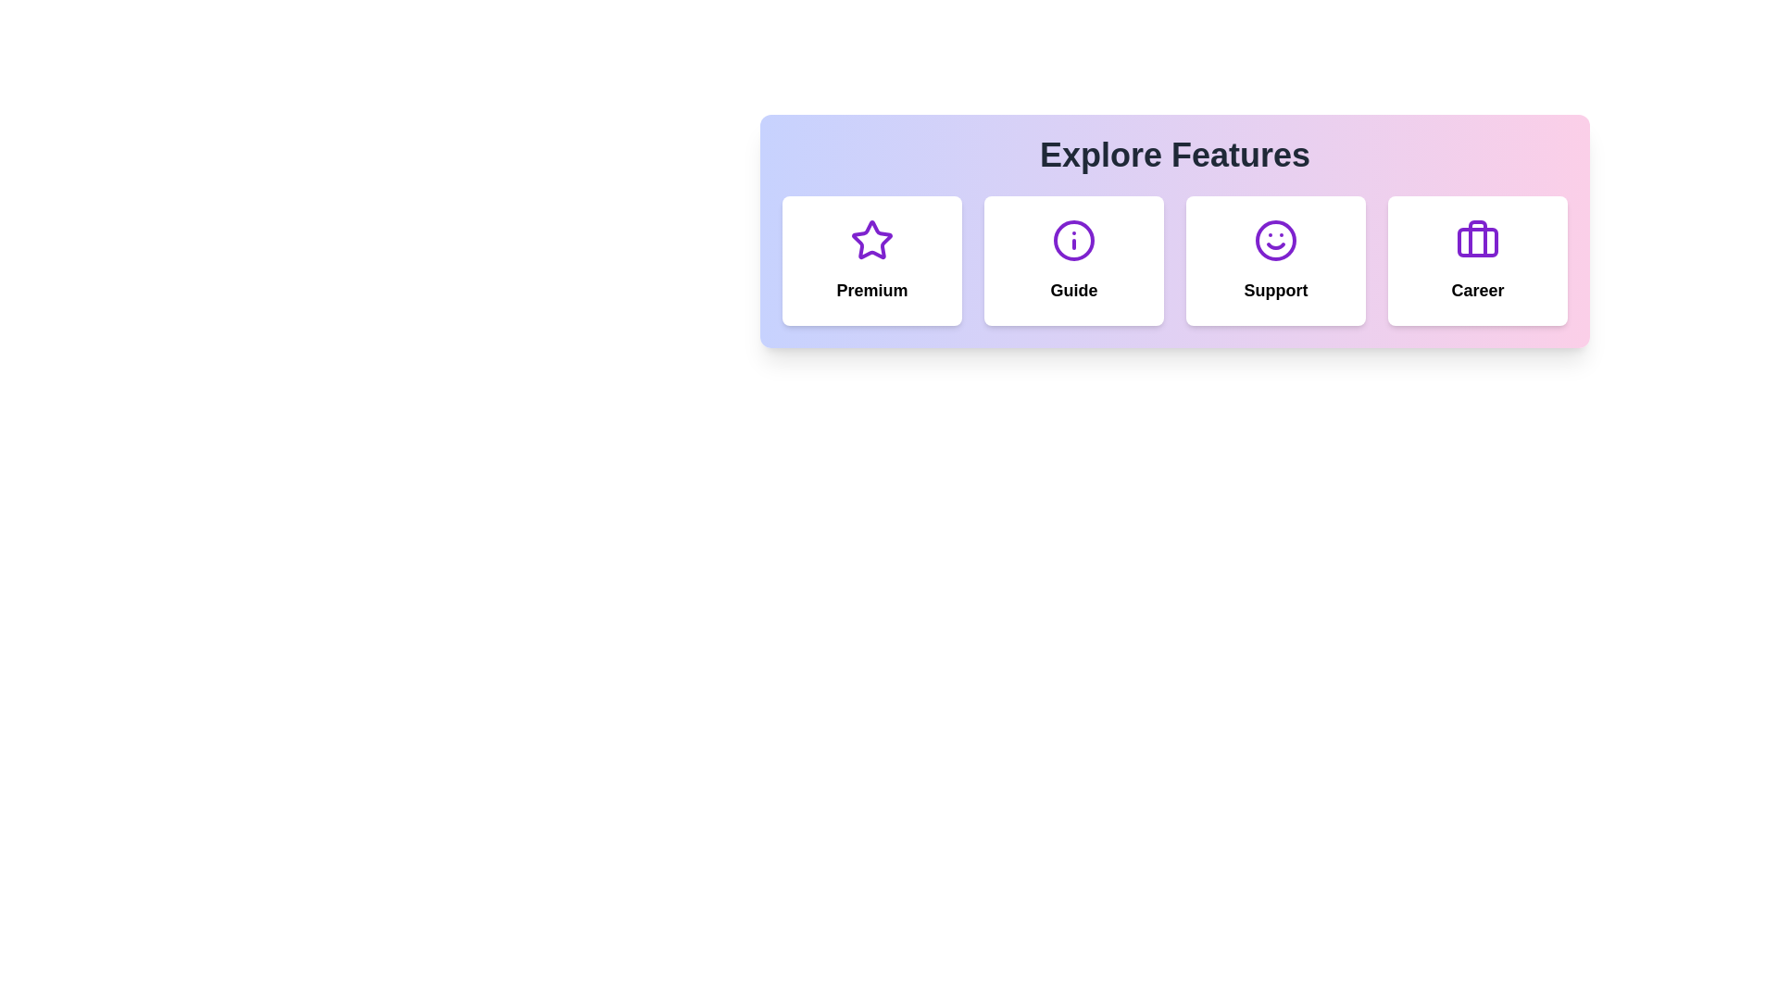 This screenshot has height=1000, width=1778. Describe the element at coordinates (1074, 239) in the screenshot. I see `the 'Guide' icon located in the center of the 'Guide' card under the 'Explore Features' heading` at that location.